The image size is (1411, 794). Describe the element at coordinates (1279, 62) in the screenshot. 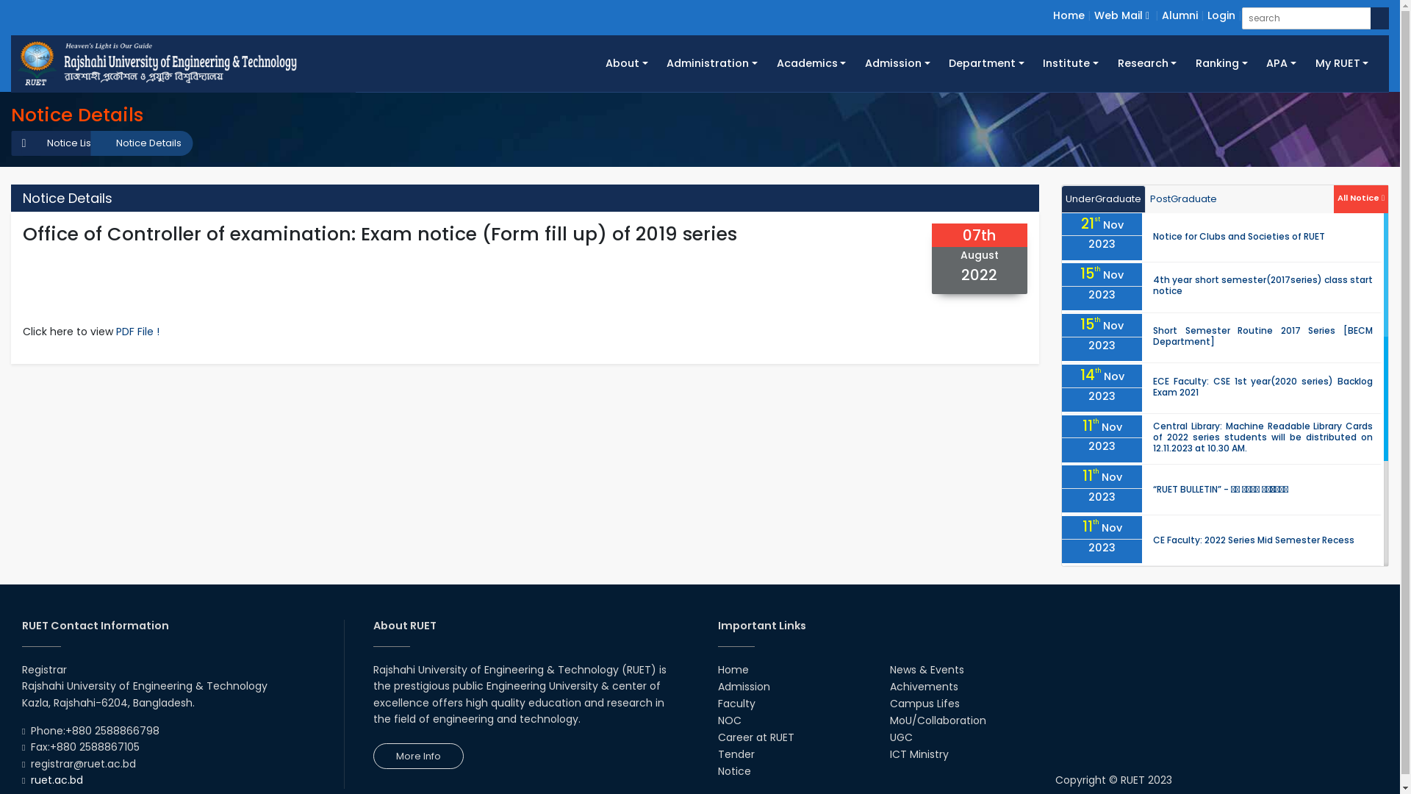

I see `'APA'` at that location.